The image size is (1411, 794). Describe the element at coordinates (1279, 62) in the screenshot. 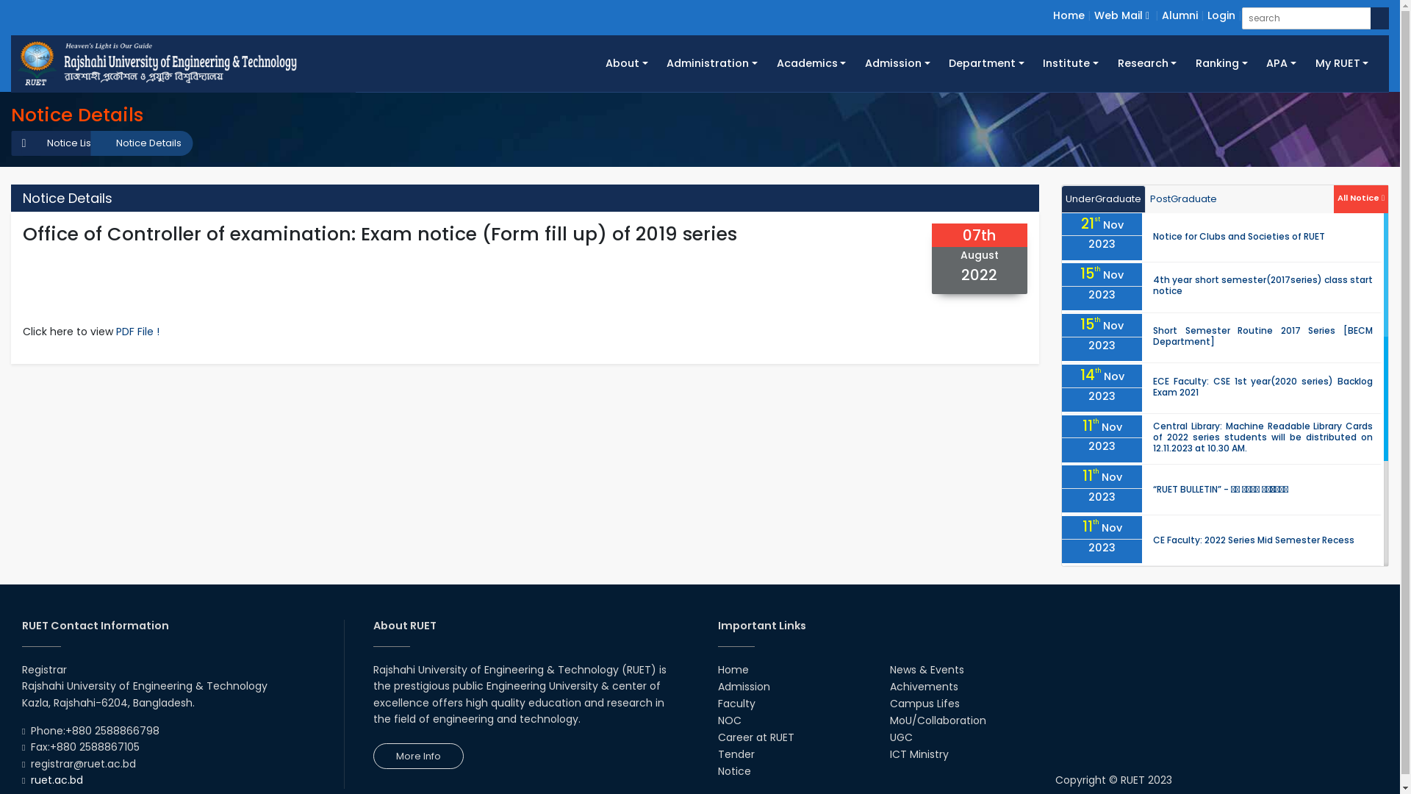

I see `'APA'` at that location.